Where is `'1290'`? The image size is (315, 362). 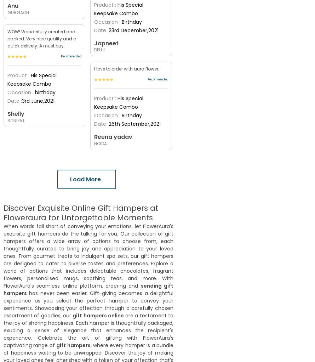
'1290' is located at coordinates (103, 200).